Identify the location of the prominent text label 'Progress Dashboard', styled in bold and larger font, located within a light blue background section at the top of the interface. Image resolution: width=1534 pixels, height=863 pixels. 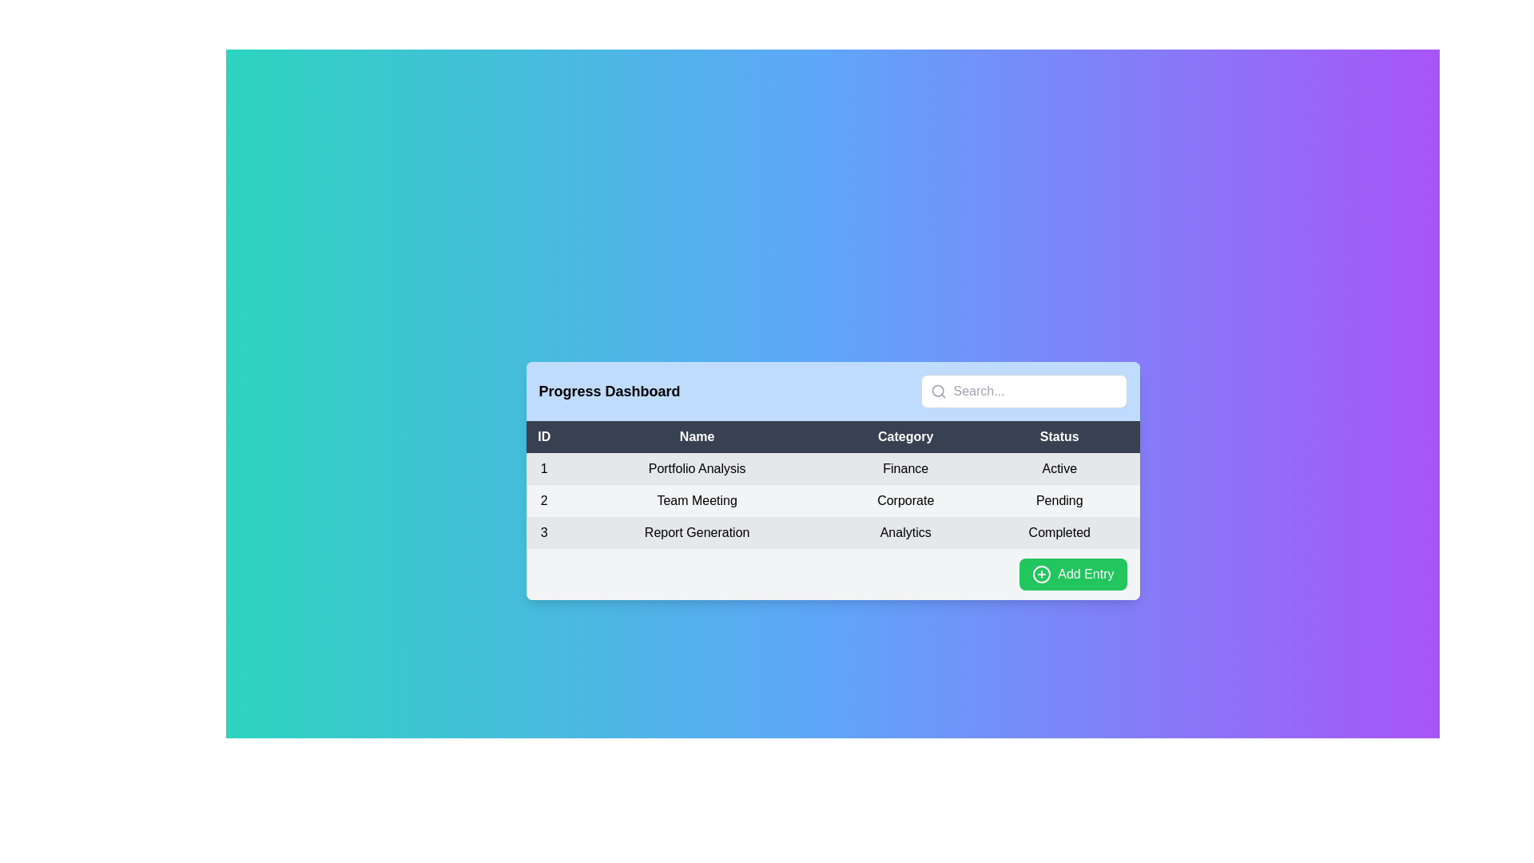
(609, 391).